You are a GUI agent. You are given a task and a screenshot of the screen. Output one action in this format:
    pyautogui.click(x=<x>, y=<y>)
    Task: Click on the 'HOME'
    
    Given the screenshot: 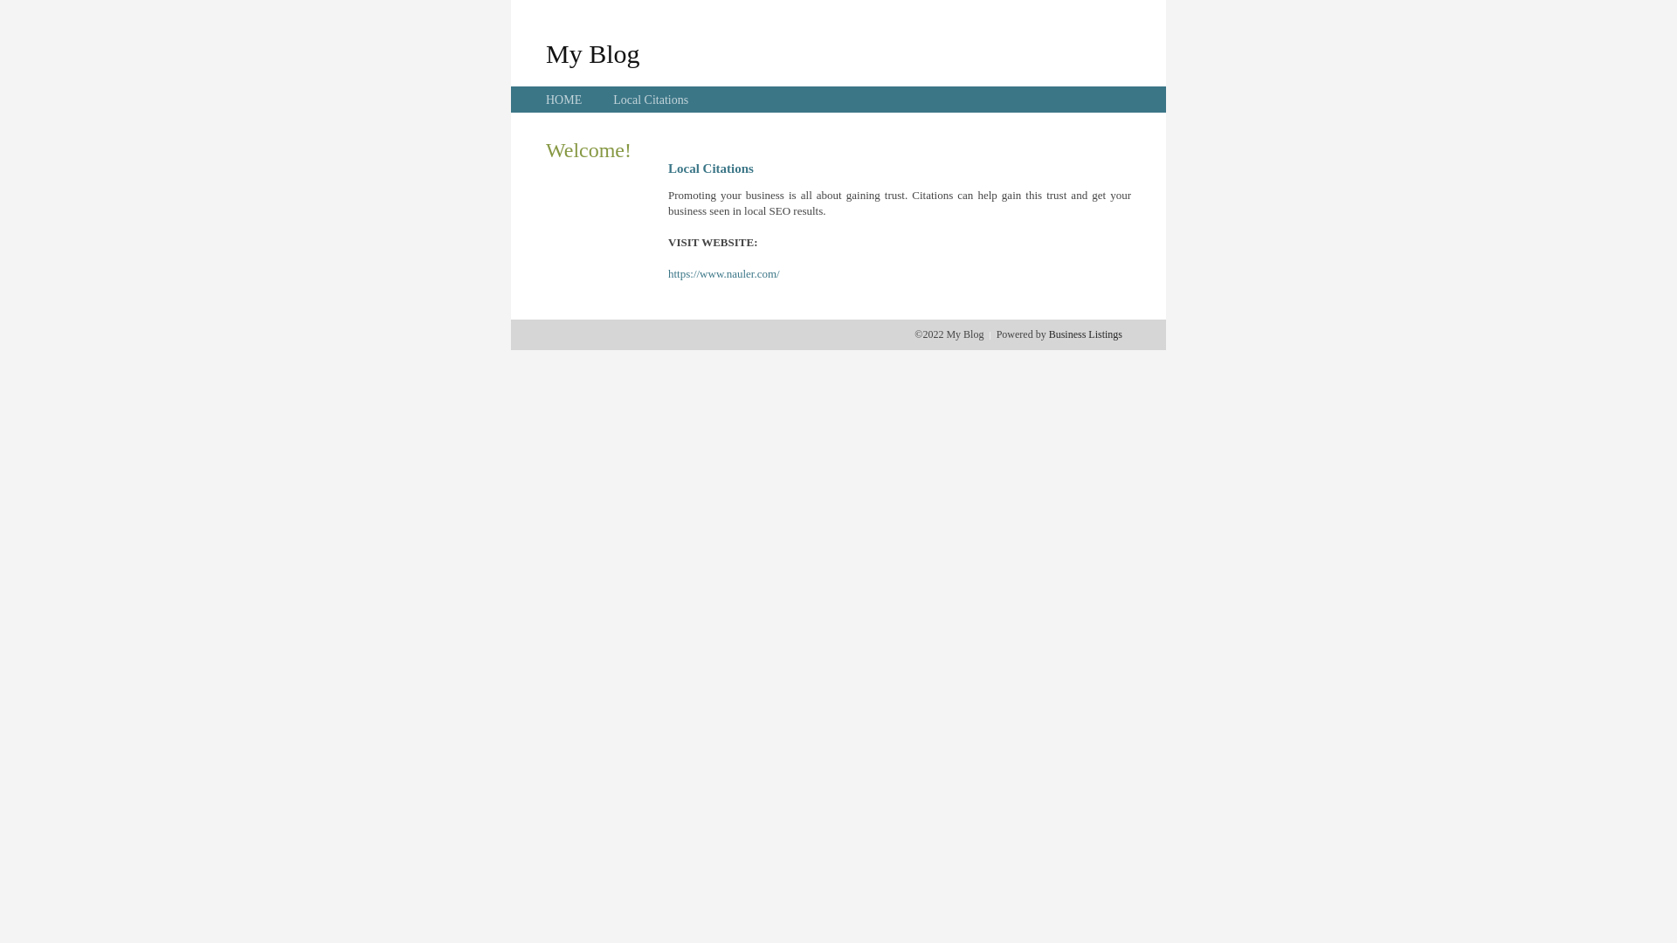 What is the action you would take?
    pyautogui.click(x=563, y=100)
    